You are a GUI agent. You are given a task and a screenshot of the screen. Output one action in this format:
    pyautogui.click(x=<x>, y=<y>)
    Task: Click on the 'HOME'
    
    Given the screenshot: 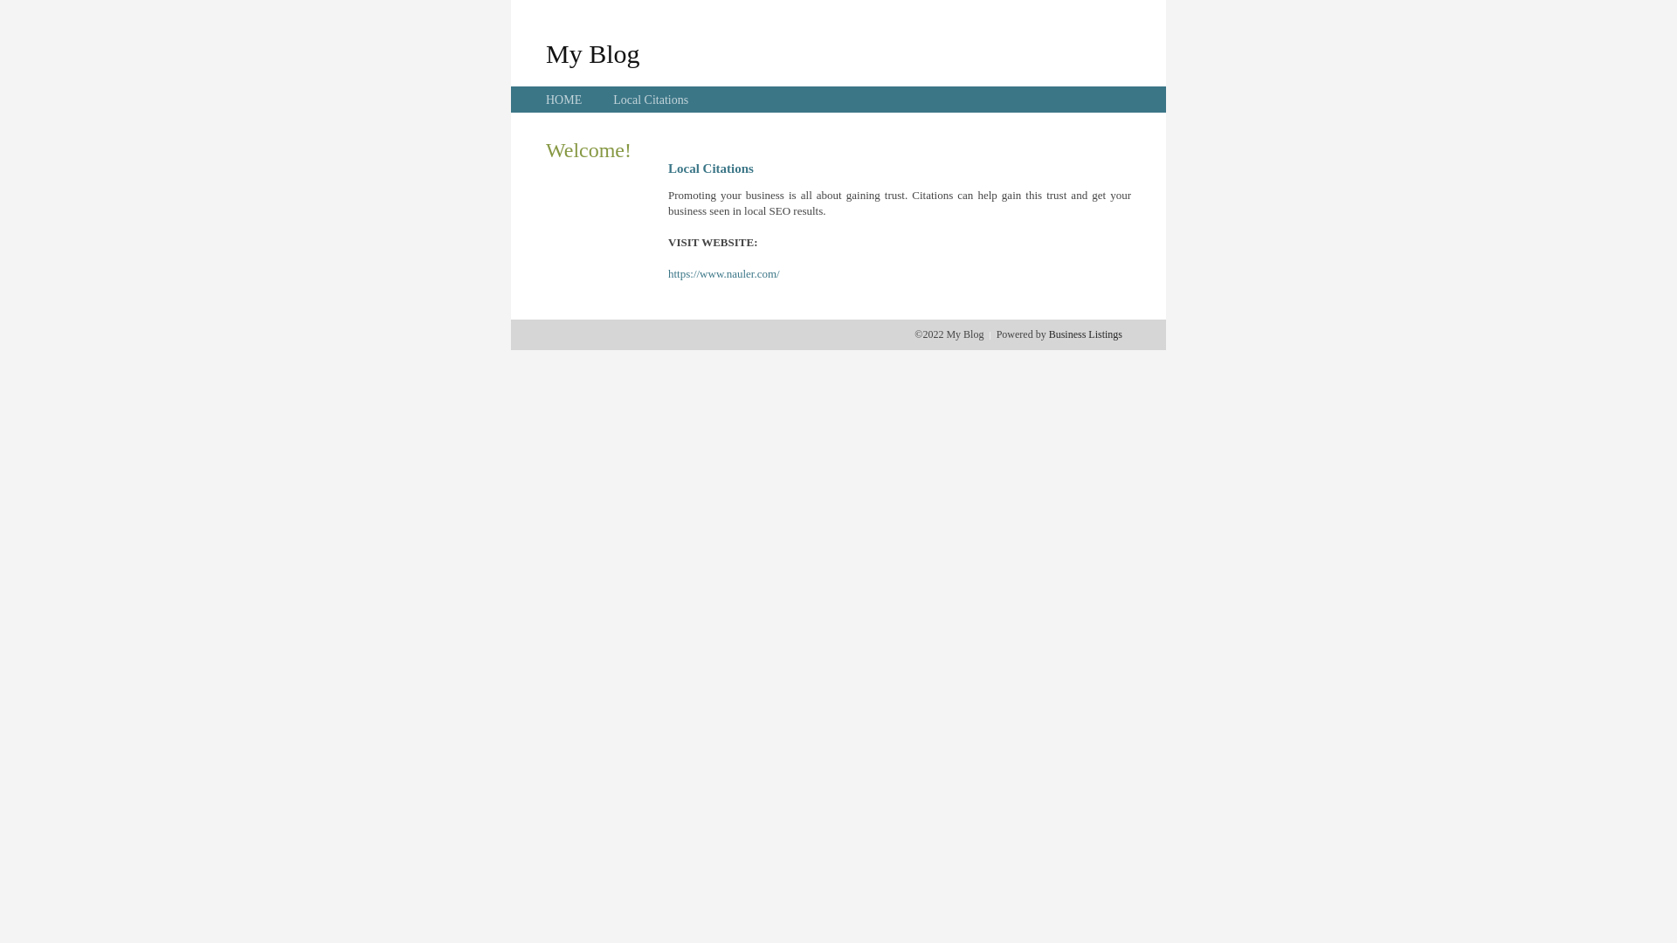 What is the action you would take?
    pyautogui.click(x=563, y=100)
    